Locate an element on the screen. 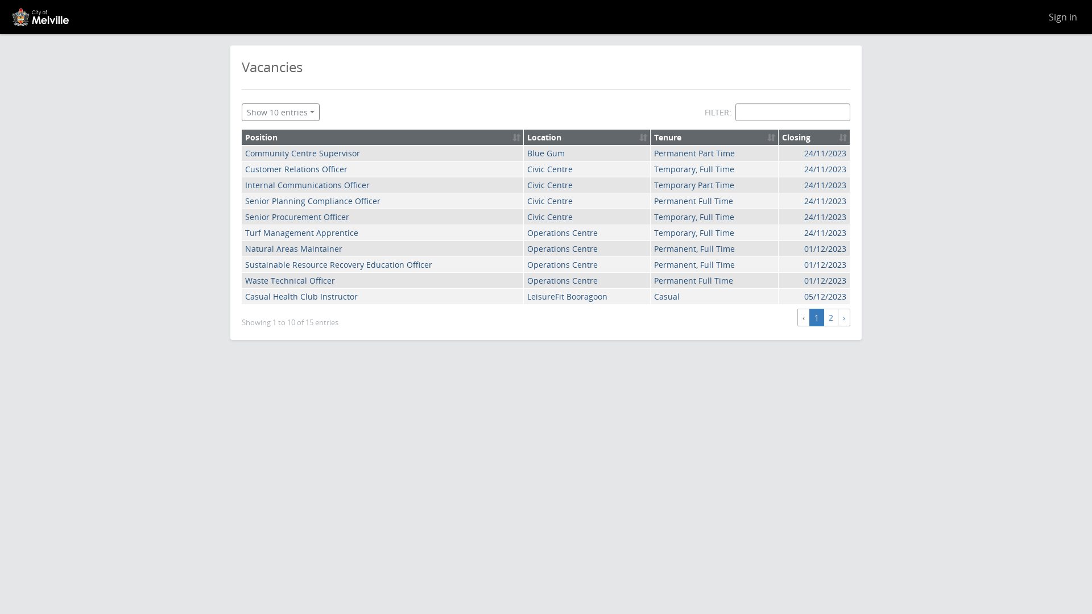 This screenshot has height=614, width=1092. '1' is located at coordinates (816, 317).